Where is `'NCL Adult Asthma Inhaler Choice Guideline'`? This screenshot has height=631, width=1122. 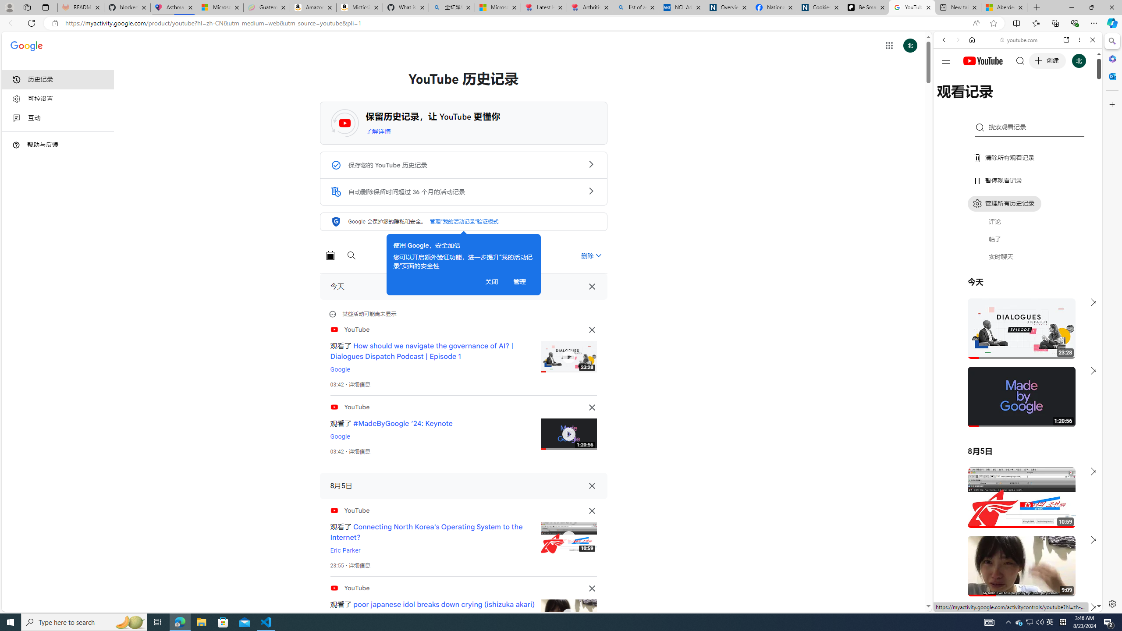 'NCL Adult Asthma Inhaler Choice Guideline' is located at coordinates (682, 7).